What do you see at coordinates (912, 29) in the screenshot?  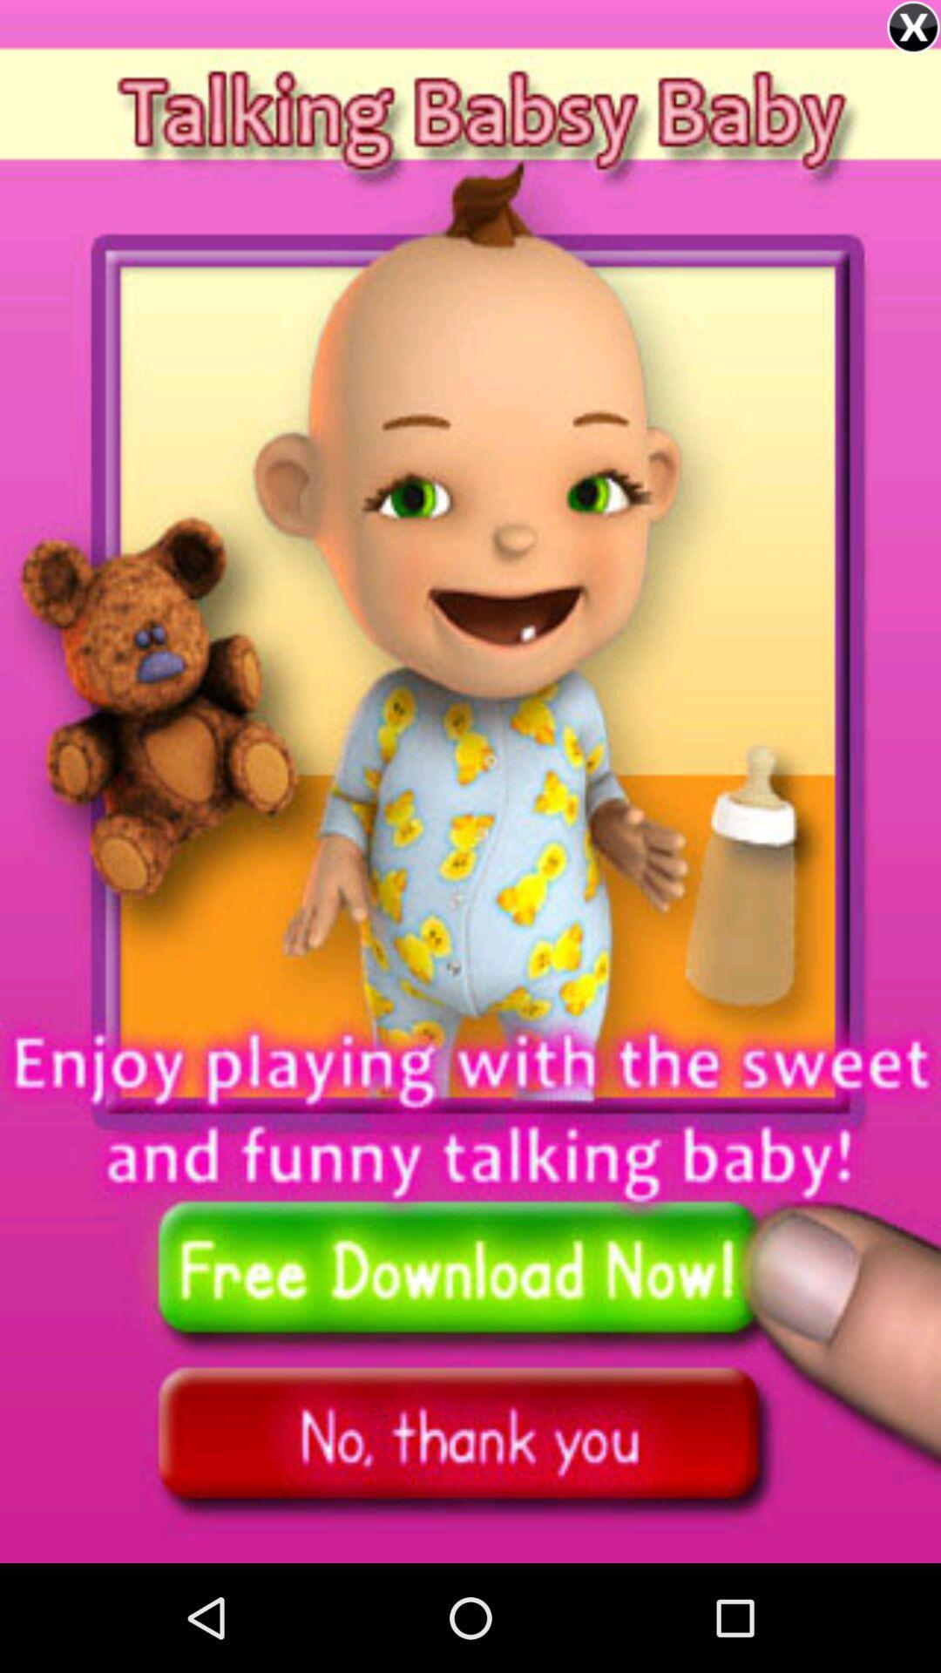 I see `the close icon` at bounding box center [912, 29].